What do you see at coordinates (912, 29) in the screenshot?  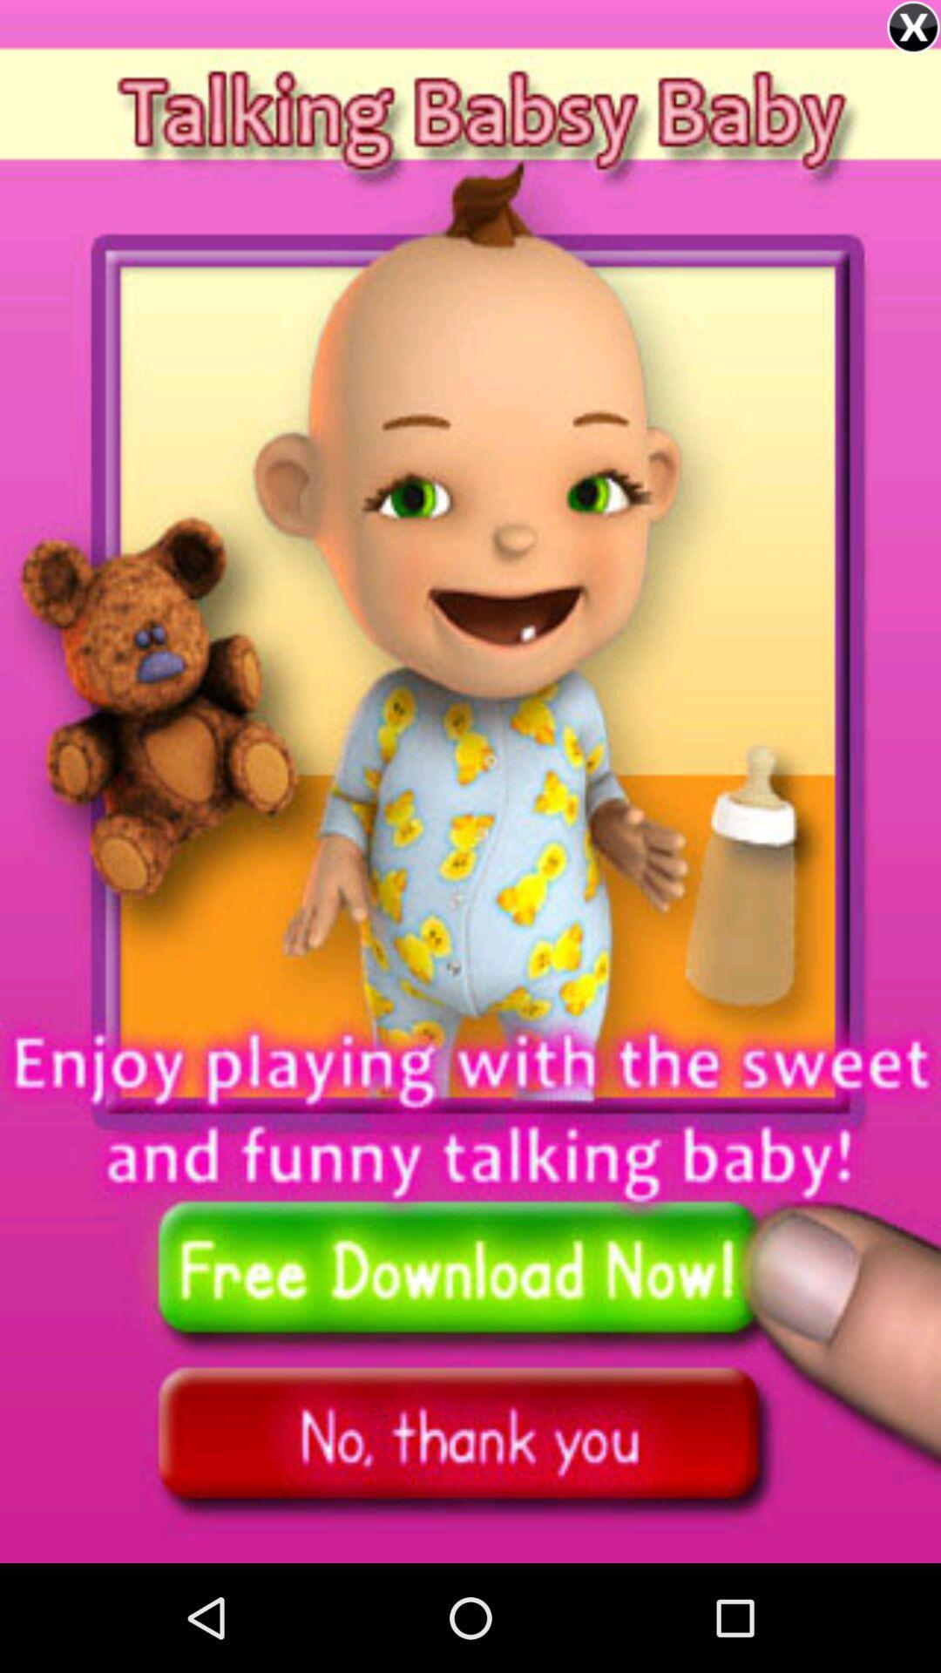 I see `the close icon` at bounding box center [912, 29].